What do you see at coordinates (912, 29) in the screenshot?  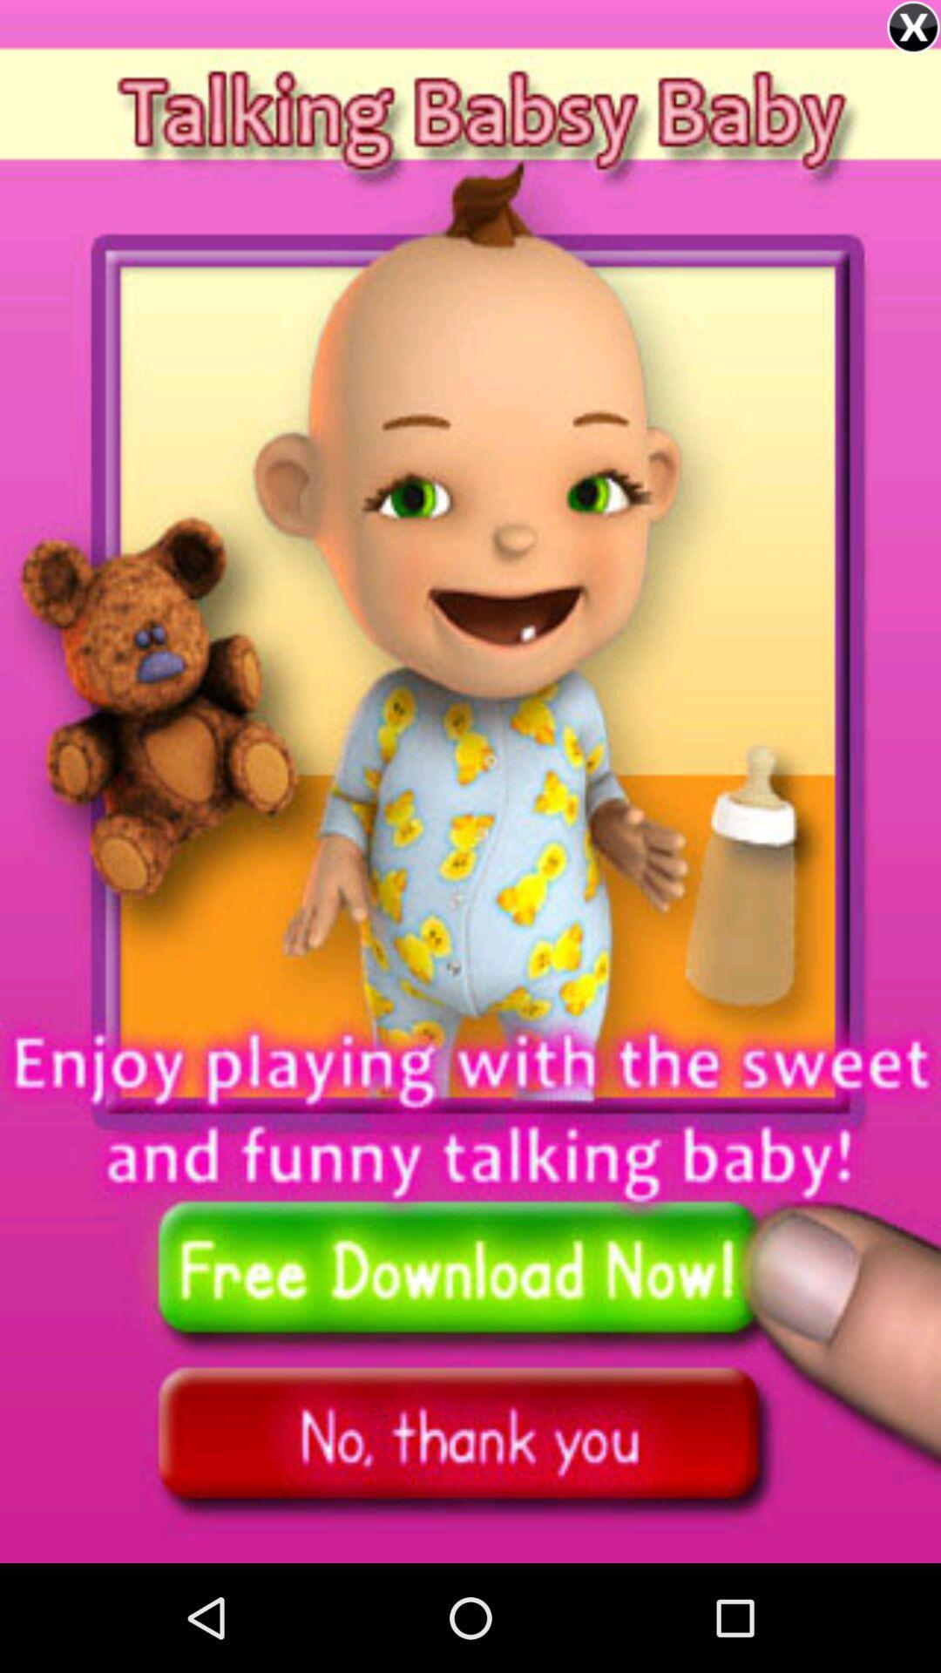 I see `the close icon` at bounding box center [912, 29].